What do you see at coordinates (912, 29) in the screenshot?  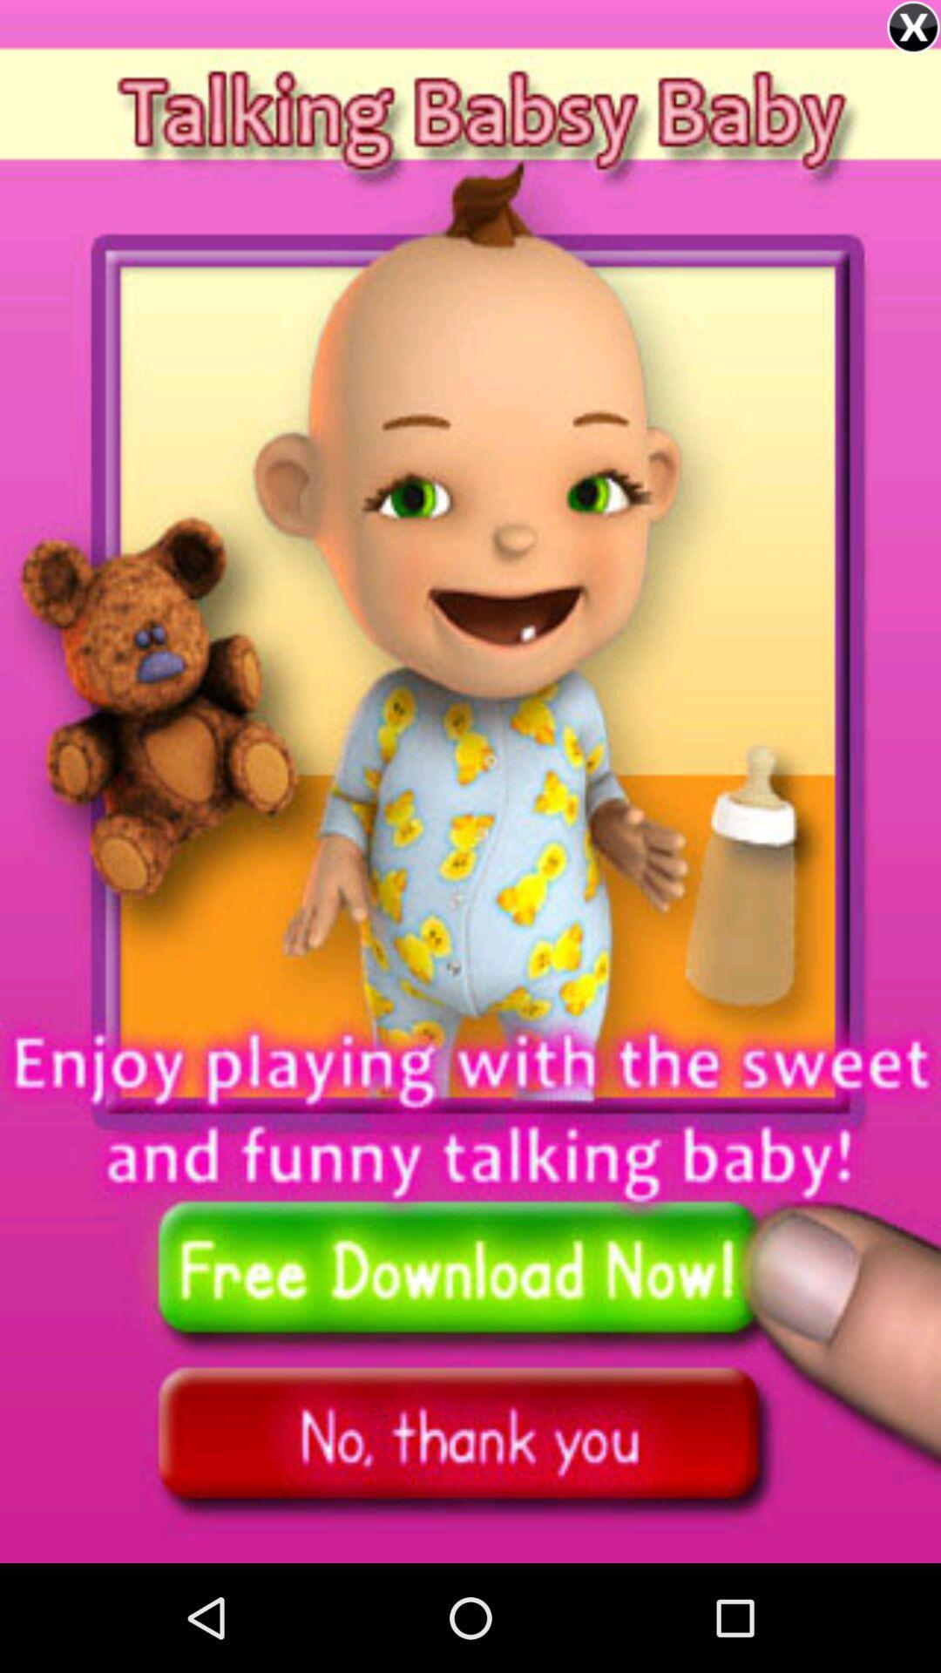 I see `the close icon` at bounding box center [912, 29].